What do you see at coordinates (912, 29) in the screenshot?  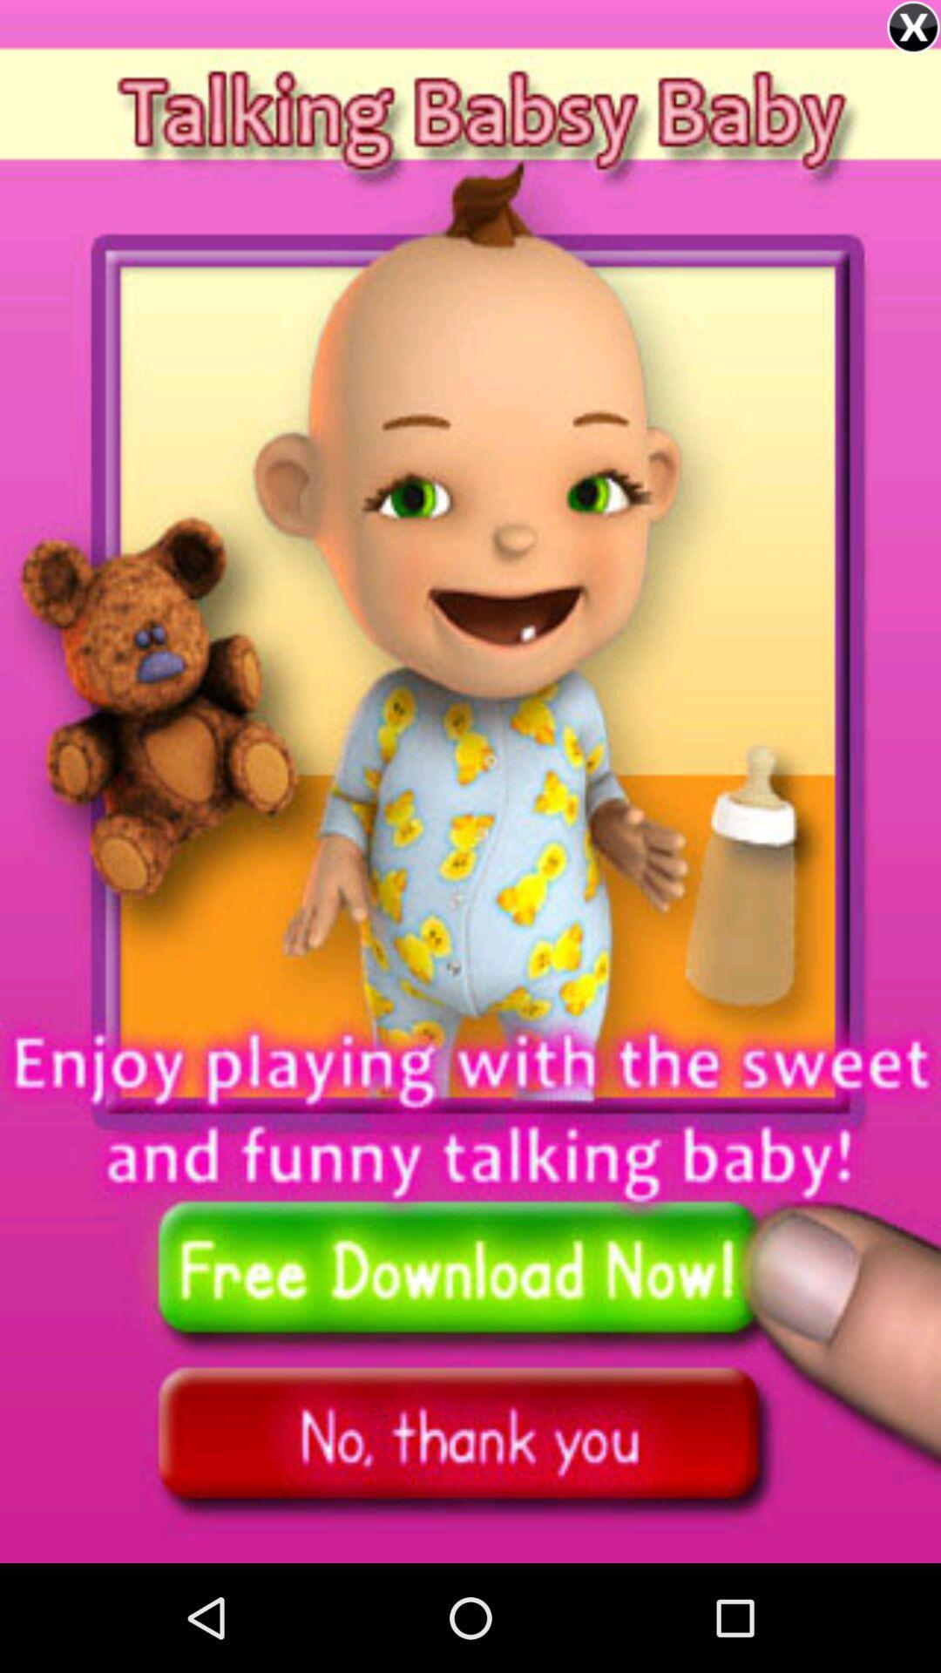 I see `the close icon` at bounding box center [912, 29].